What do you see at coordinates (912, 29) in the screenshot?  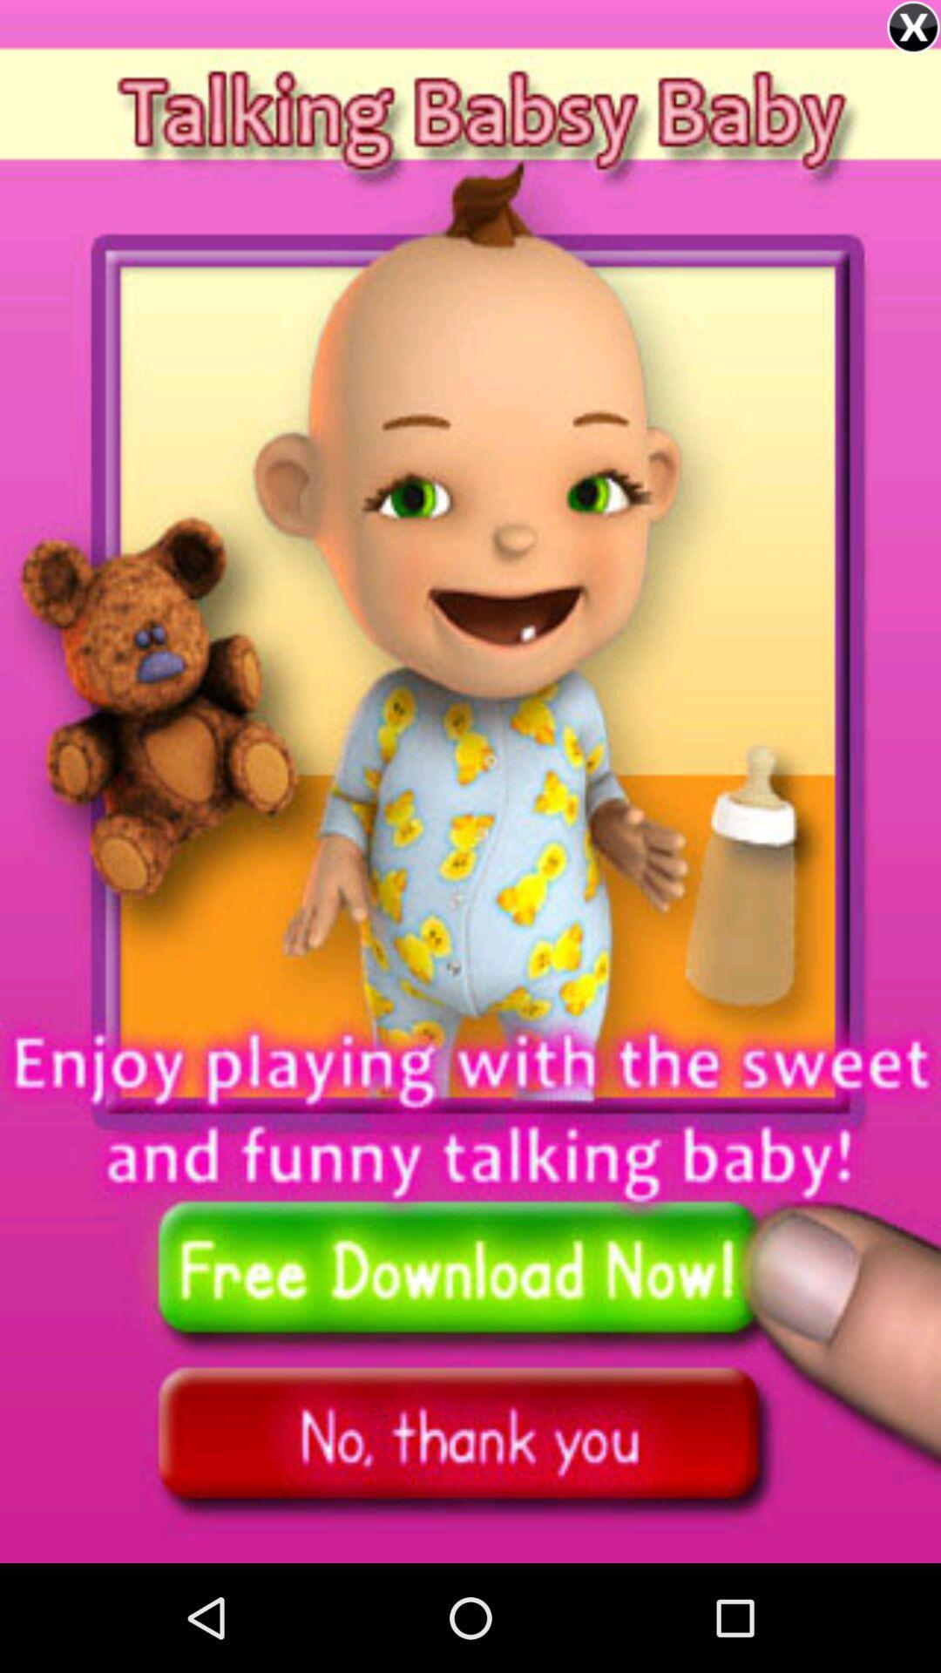 I see `the close icon` at bounding box center [912, 29].